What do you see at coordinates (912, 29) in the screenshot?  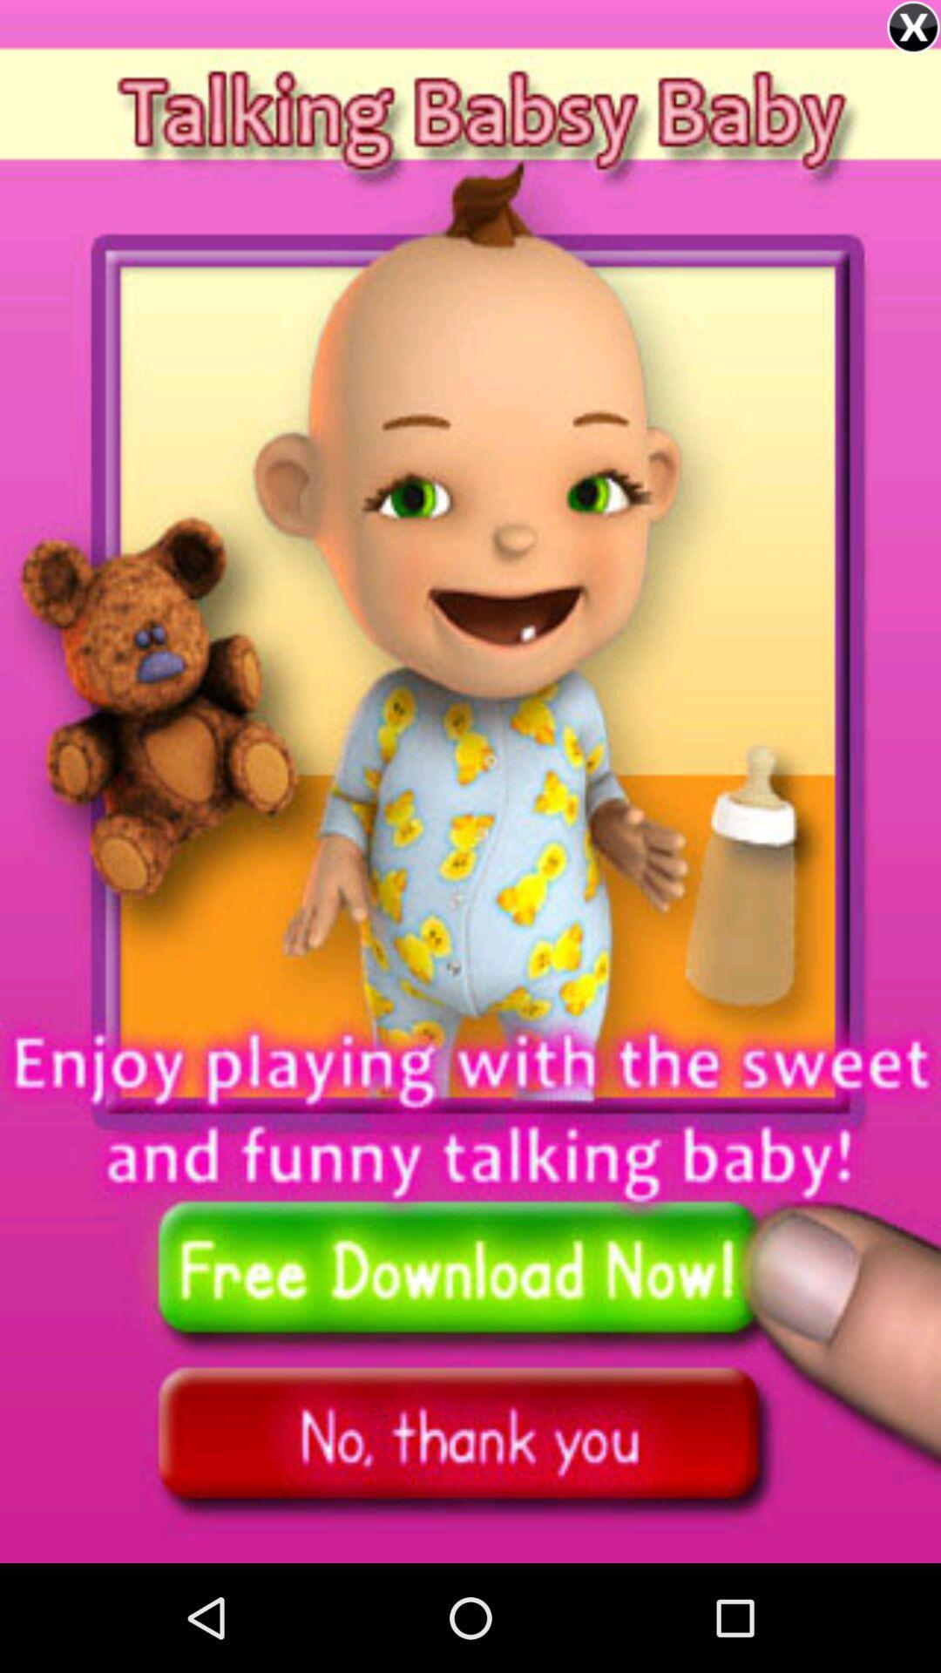 I see `the close icon` at bounding box center [912, 29].